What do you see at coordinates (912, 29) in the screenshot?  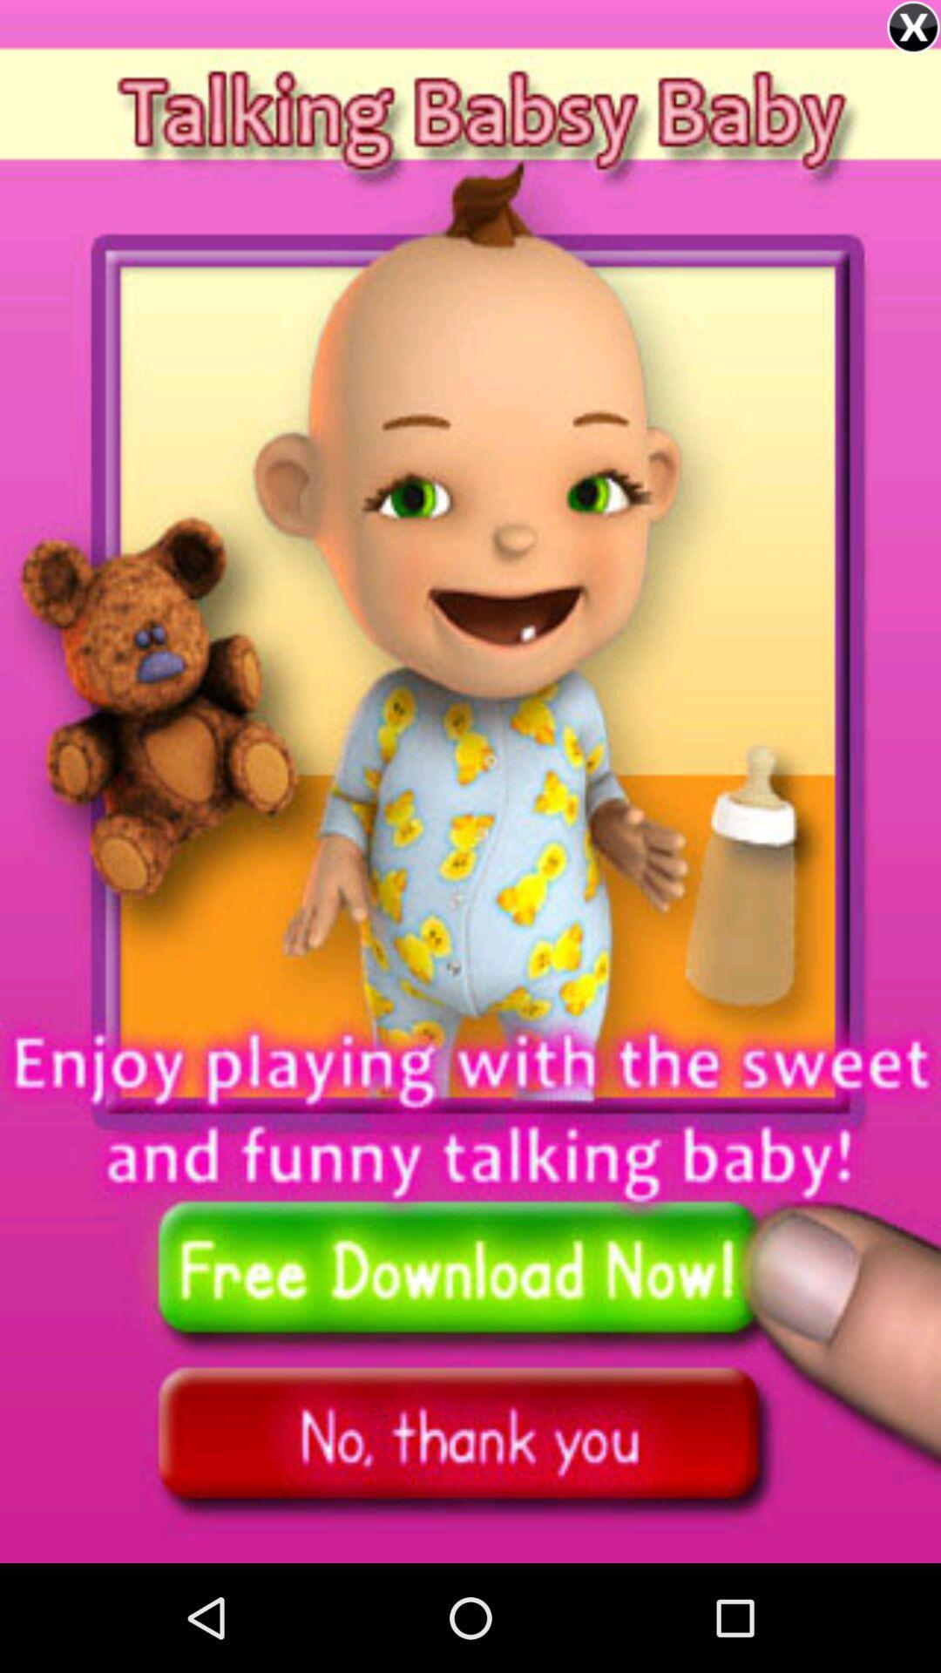 I see `the close icon` at bounding box center [912, 29].